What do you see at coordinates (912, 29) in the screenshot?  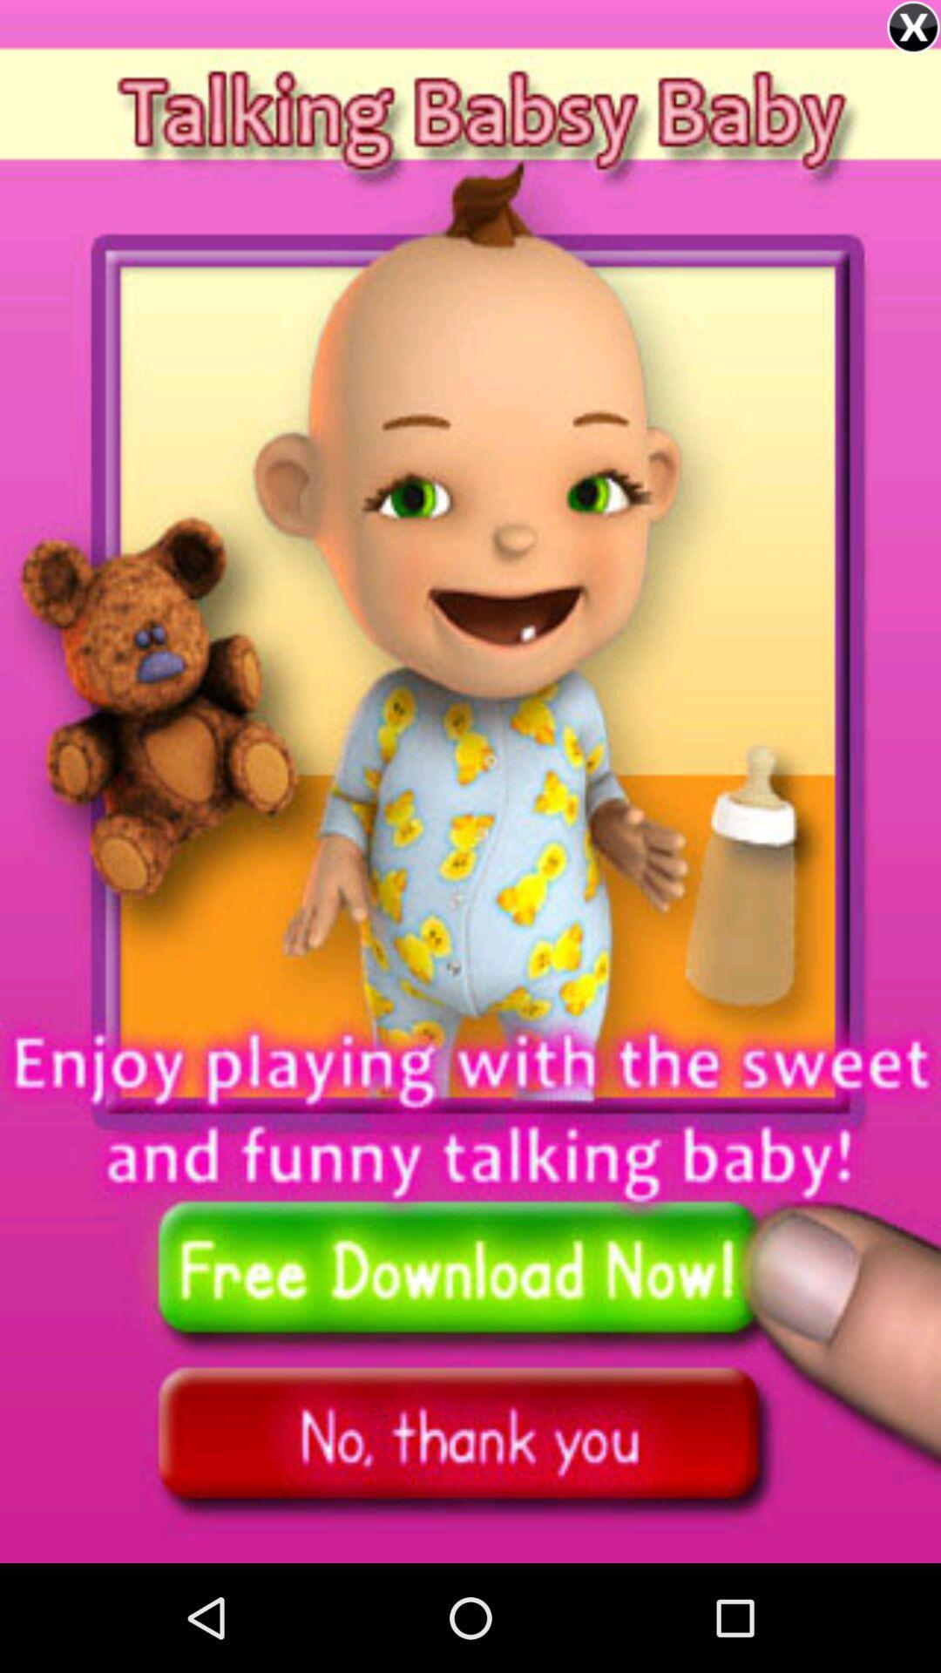 I see `the close icon` at bounding box center [912, 29].